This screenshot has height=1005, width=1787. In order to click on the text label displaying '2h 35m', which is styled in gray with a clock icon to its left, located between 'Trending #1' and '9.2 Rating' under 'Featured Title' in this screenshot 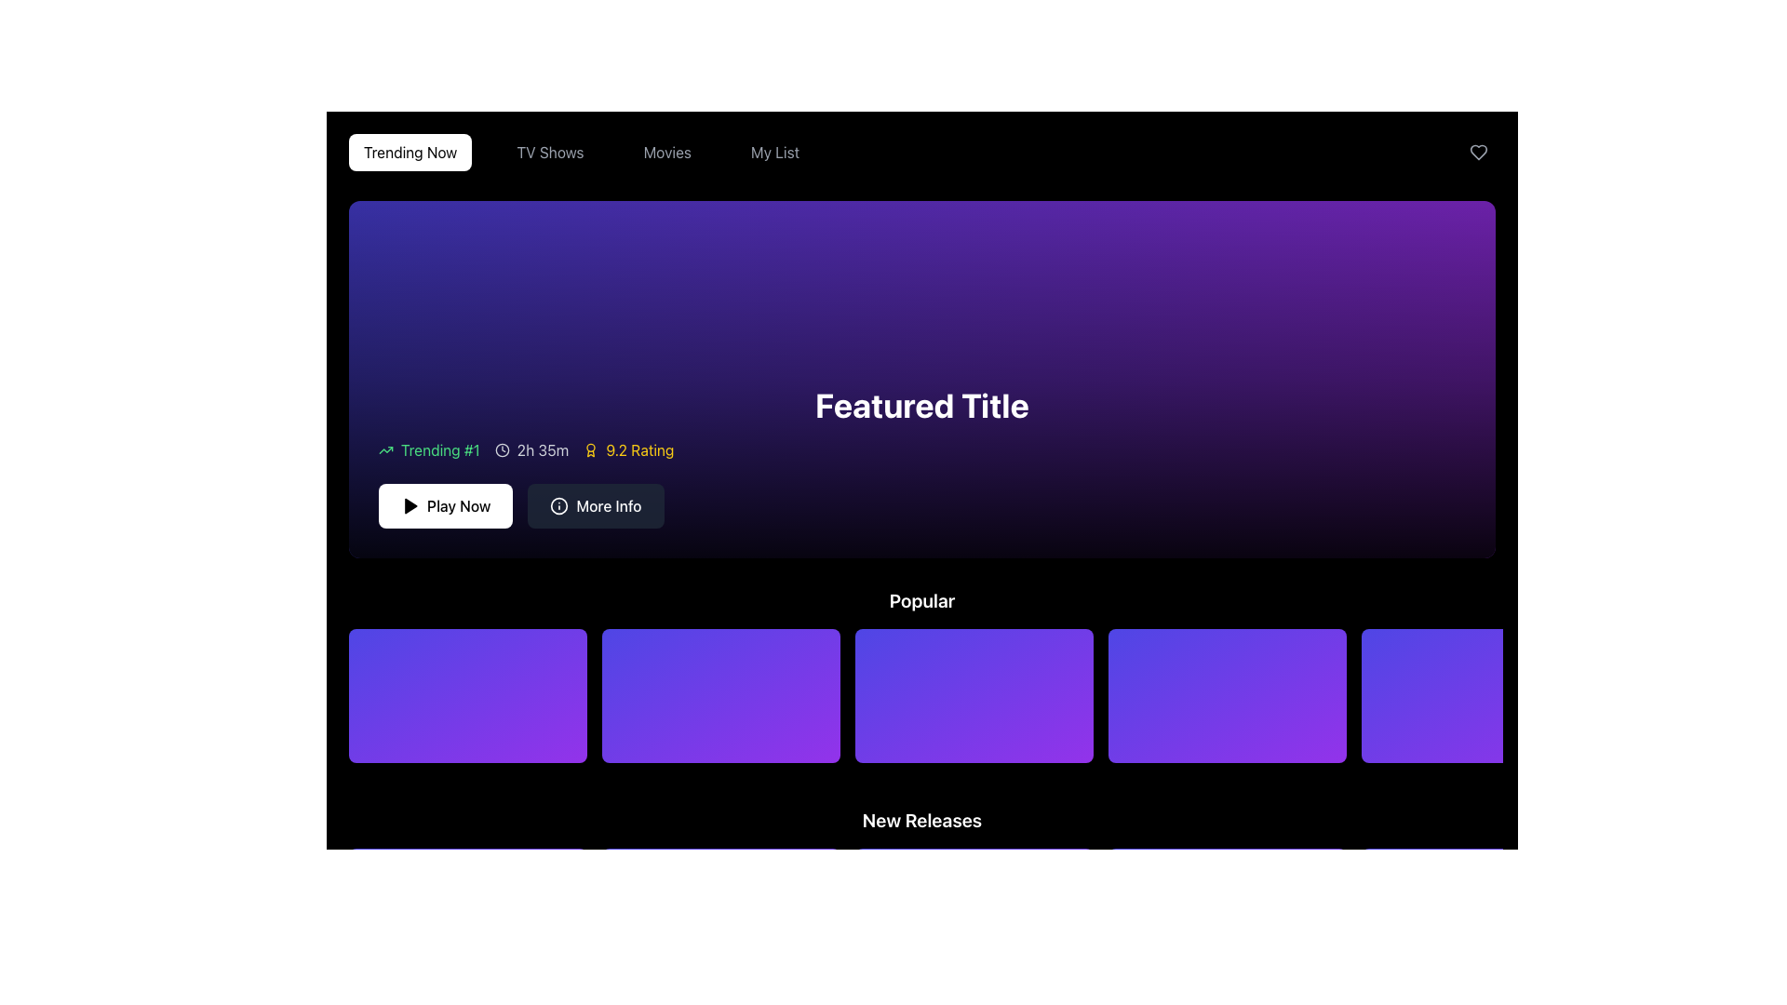, I will do `click(531, 449)`.